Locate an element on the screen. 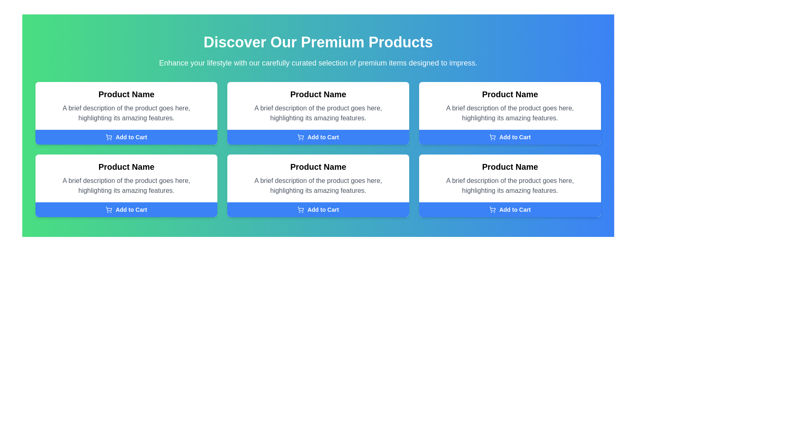  the 'Add to Cart' button with a blue background and white text, located at the bottom of the fourth product card in the second row of a 3x2 grid layout is located at coordinates (126, 209).